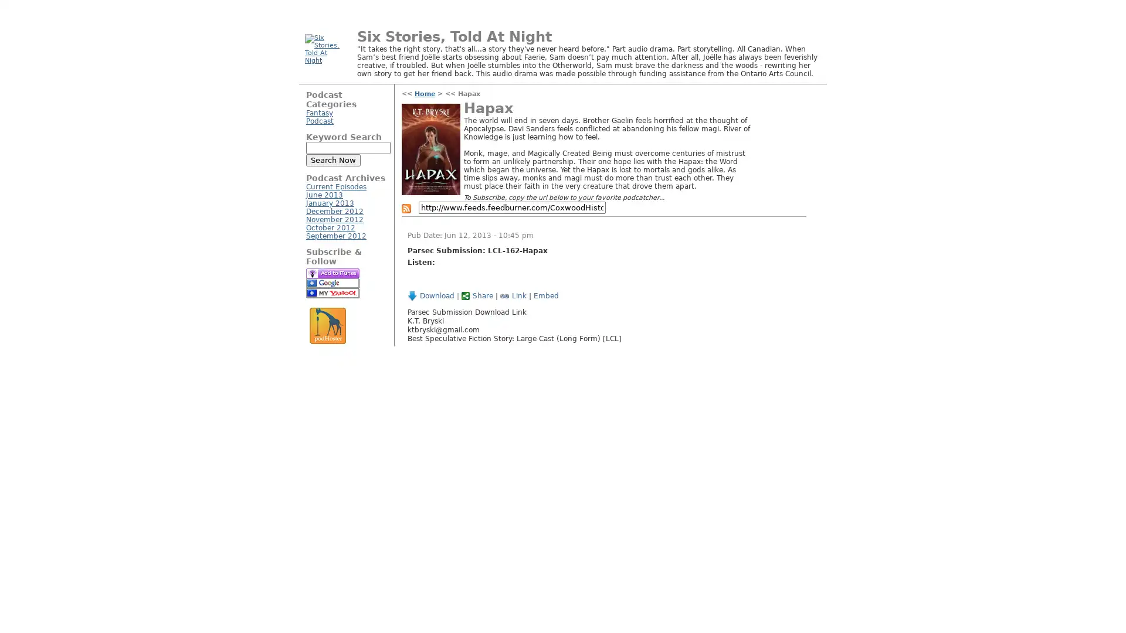  Describe the element at coordinates (333, 160) in the screenshot. I see `Search Now` at that location.